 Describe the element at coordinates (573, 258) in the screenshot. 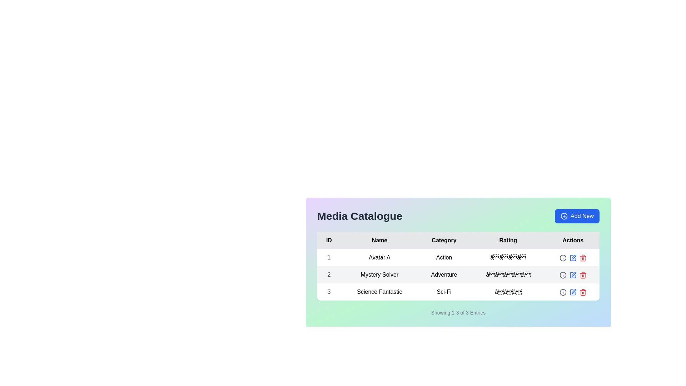

I see `the blue pencil icon in the 'Actions' column of the first row in the table` at that location.